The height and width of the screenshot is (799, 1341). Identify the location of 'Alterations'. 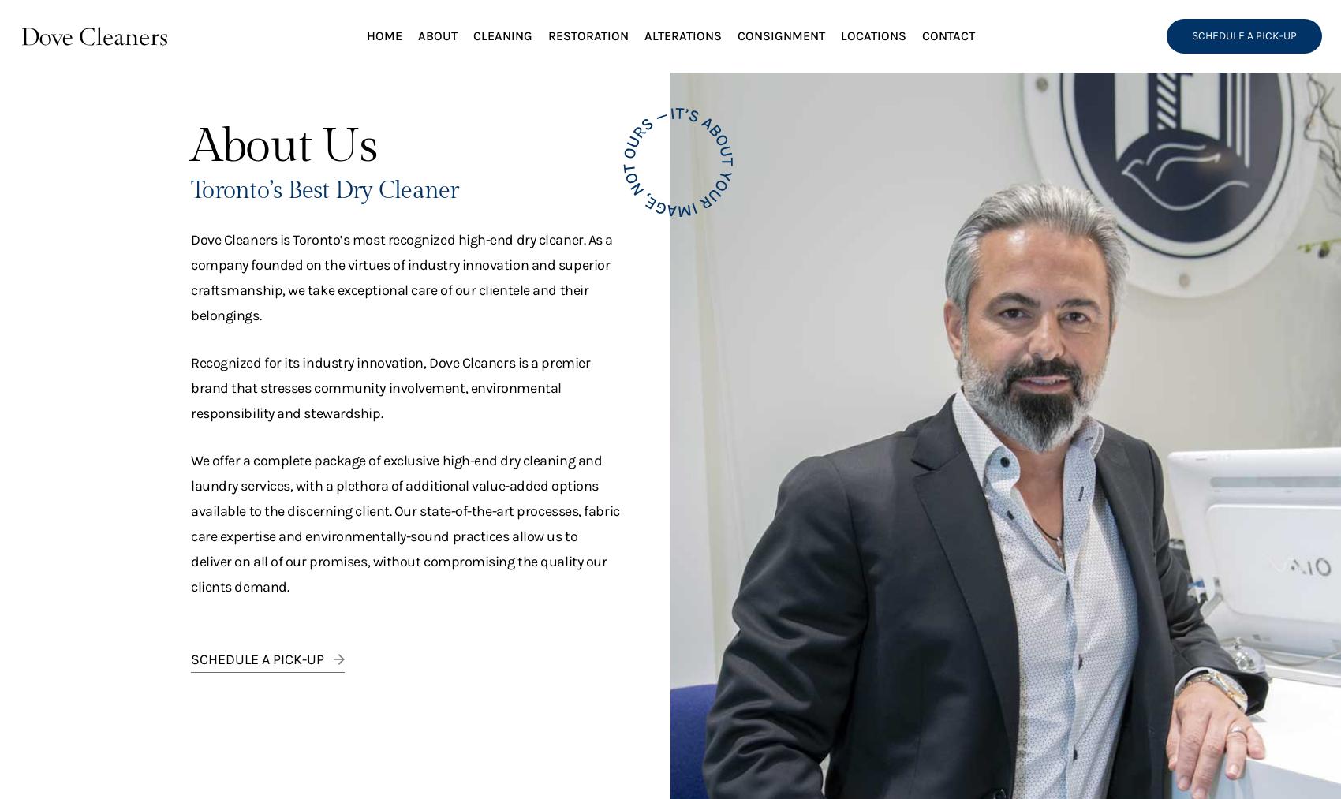
(682, 35).